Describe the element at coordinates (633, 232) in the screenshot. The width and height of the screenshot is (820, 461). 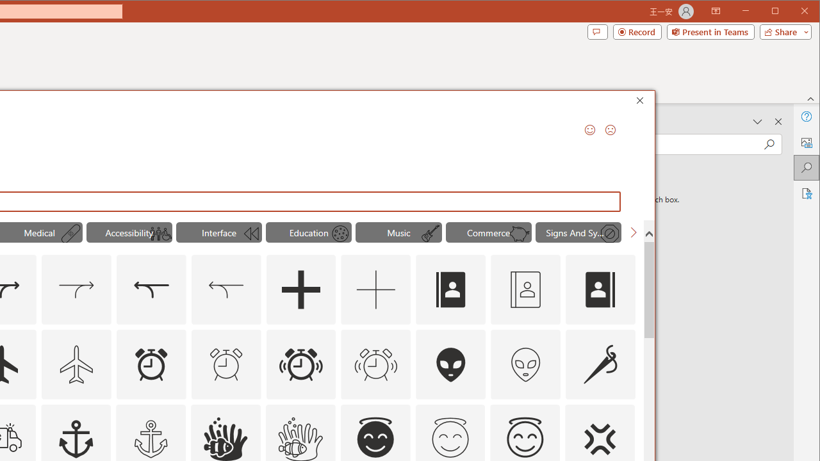
I see `'Next Search Suggestion'` at that location.